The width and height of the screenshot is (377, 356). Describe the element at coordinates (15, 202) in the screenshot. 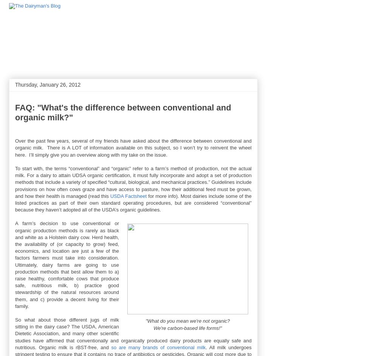

I see `'for more info). Most dairies
include some of the listed practices as part of their own standard operating procedures,
but are considered “conventional” because they haven’t adopted all of the USDA’s
organic guidelines.'` at that location.